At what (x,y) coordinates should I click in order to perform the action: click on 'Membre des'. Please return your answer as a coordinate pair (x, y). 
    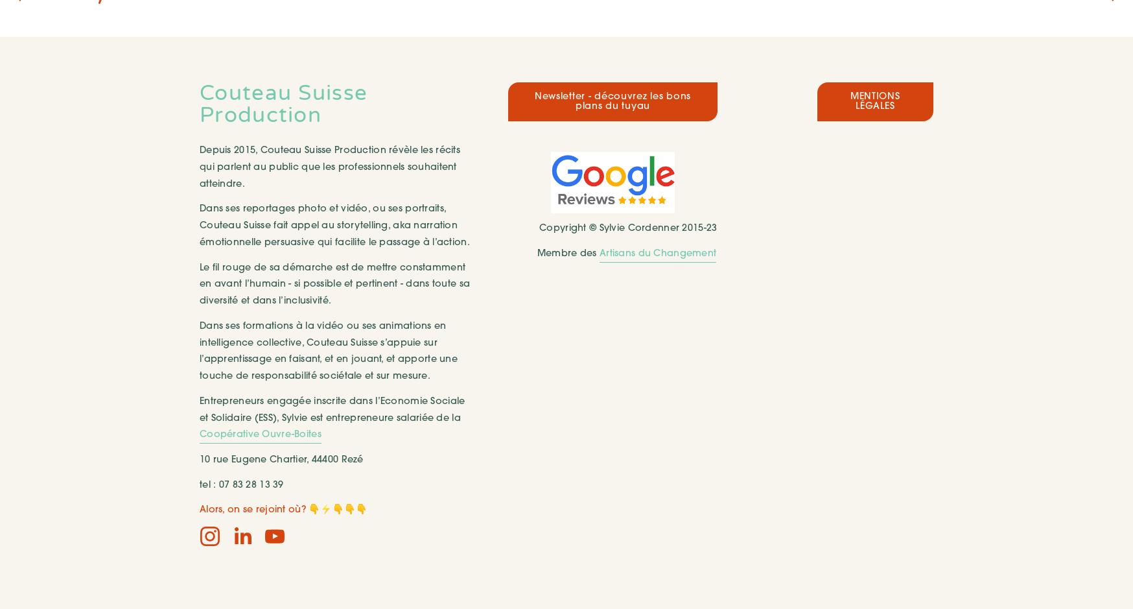
    Looking at the image, I should click on (567, 253).